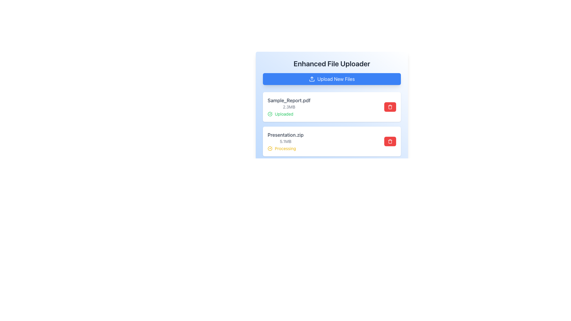  Describe the element at coordinates (332, 106) in the screenshot. I see `file details of the interactive list item labeled 'Sample_Report.pdf' with a size of '2.3MB' and an 'Uploaded' status indicator` at that location.